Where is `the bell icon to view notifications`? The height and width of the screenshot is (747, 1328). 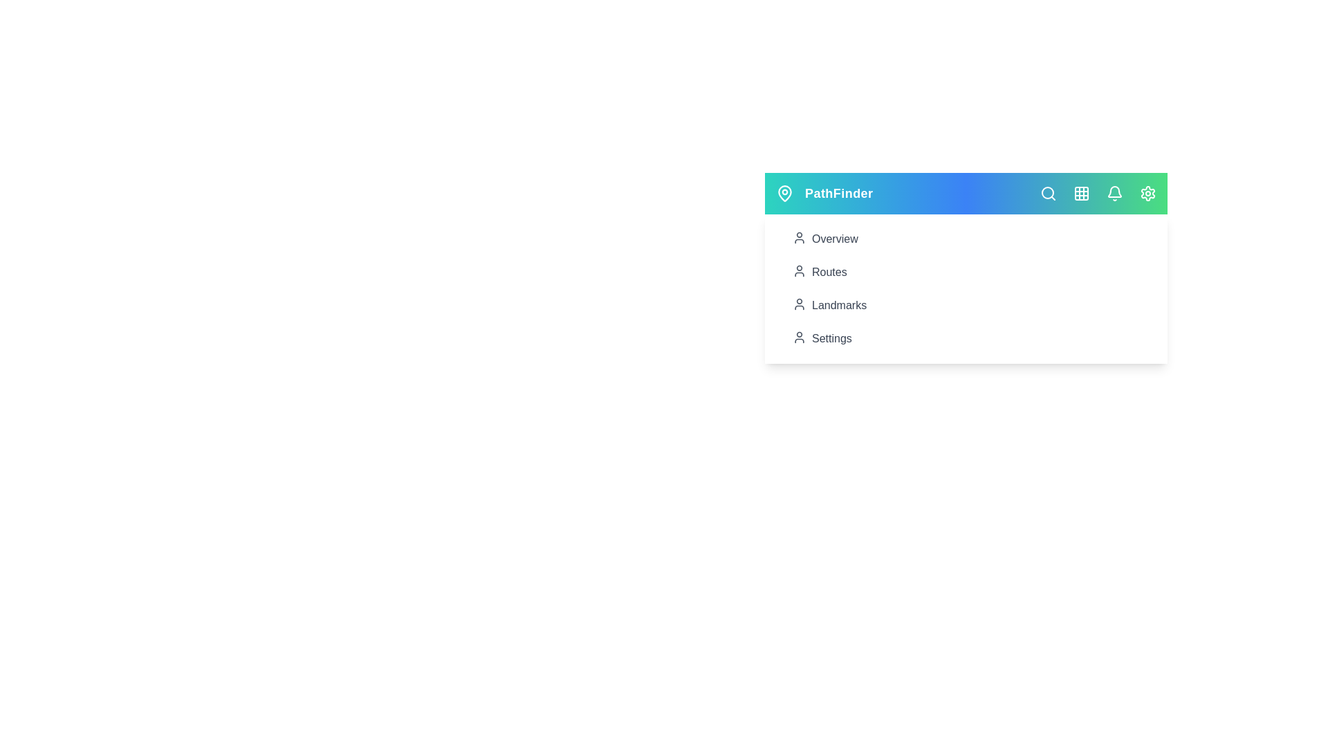 the bell icon to view notifications is located at coordinates (1115, 194).